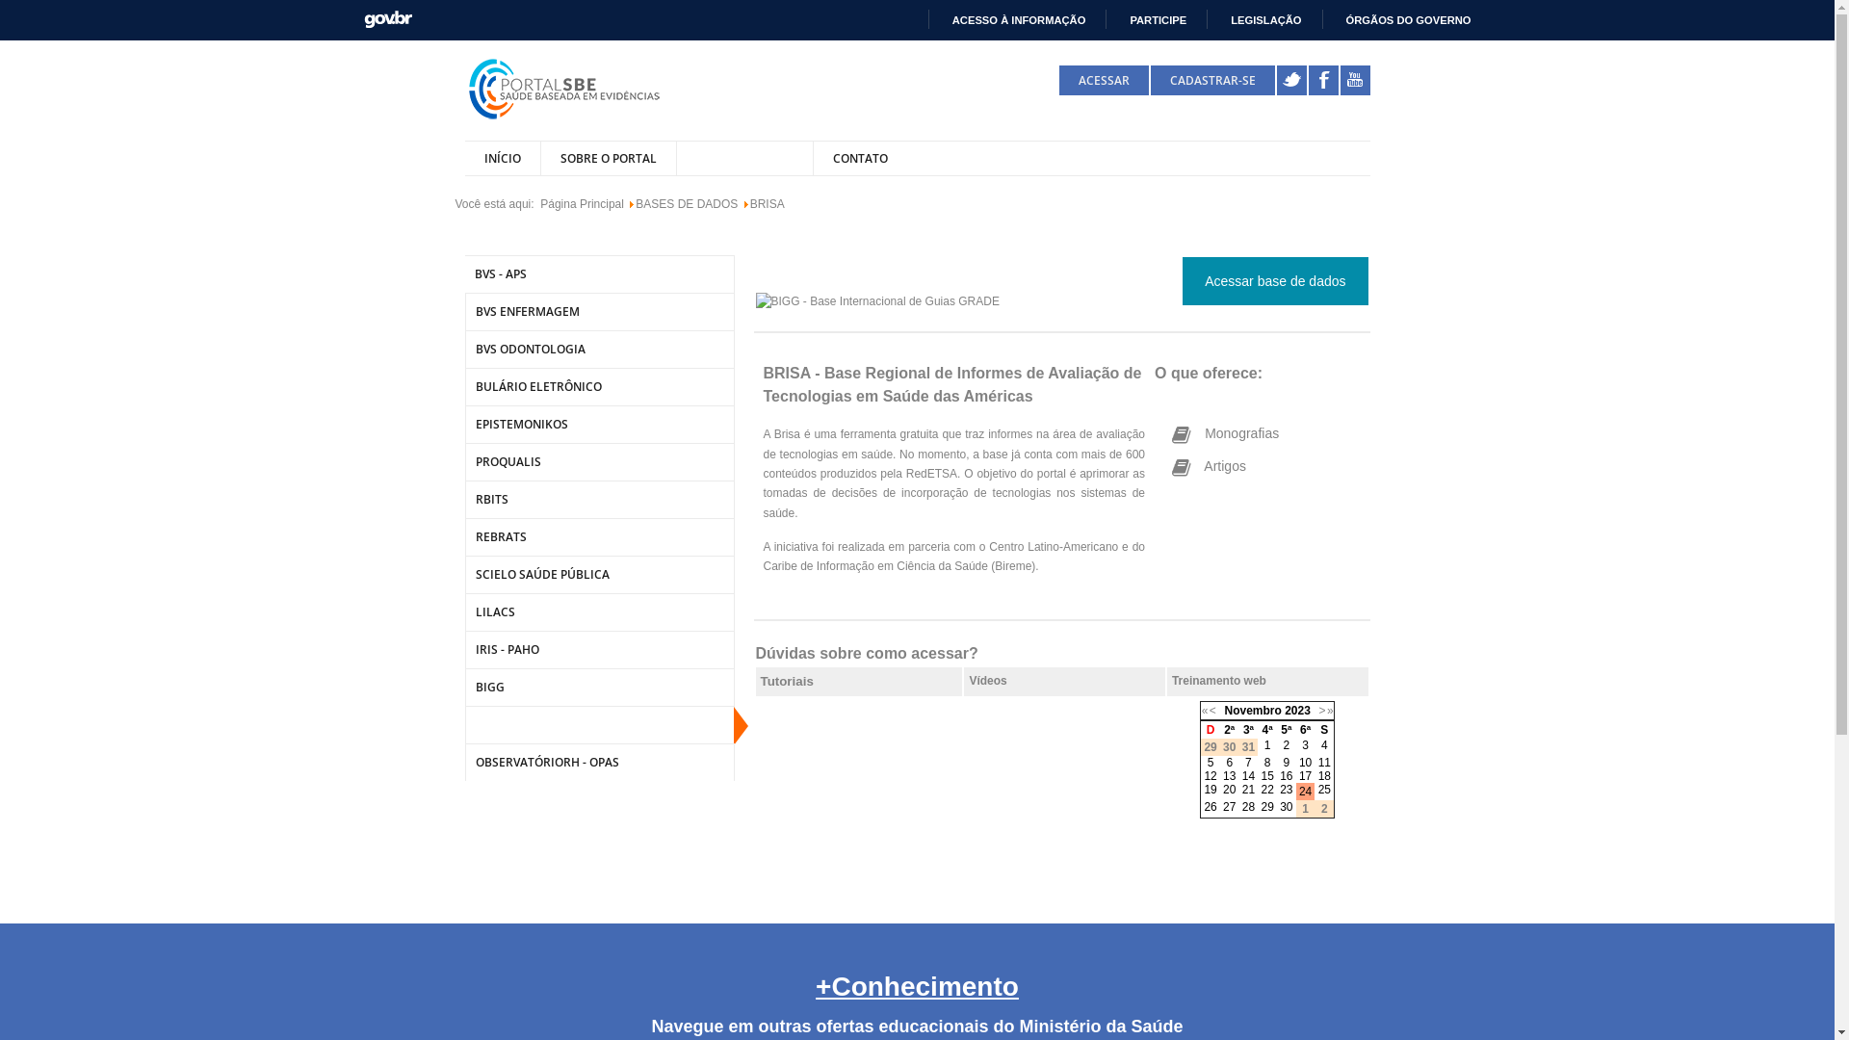 This screenshot has width=1849, height=1040. I want to click on 'ACESSAR', so click(1104, 79).